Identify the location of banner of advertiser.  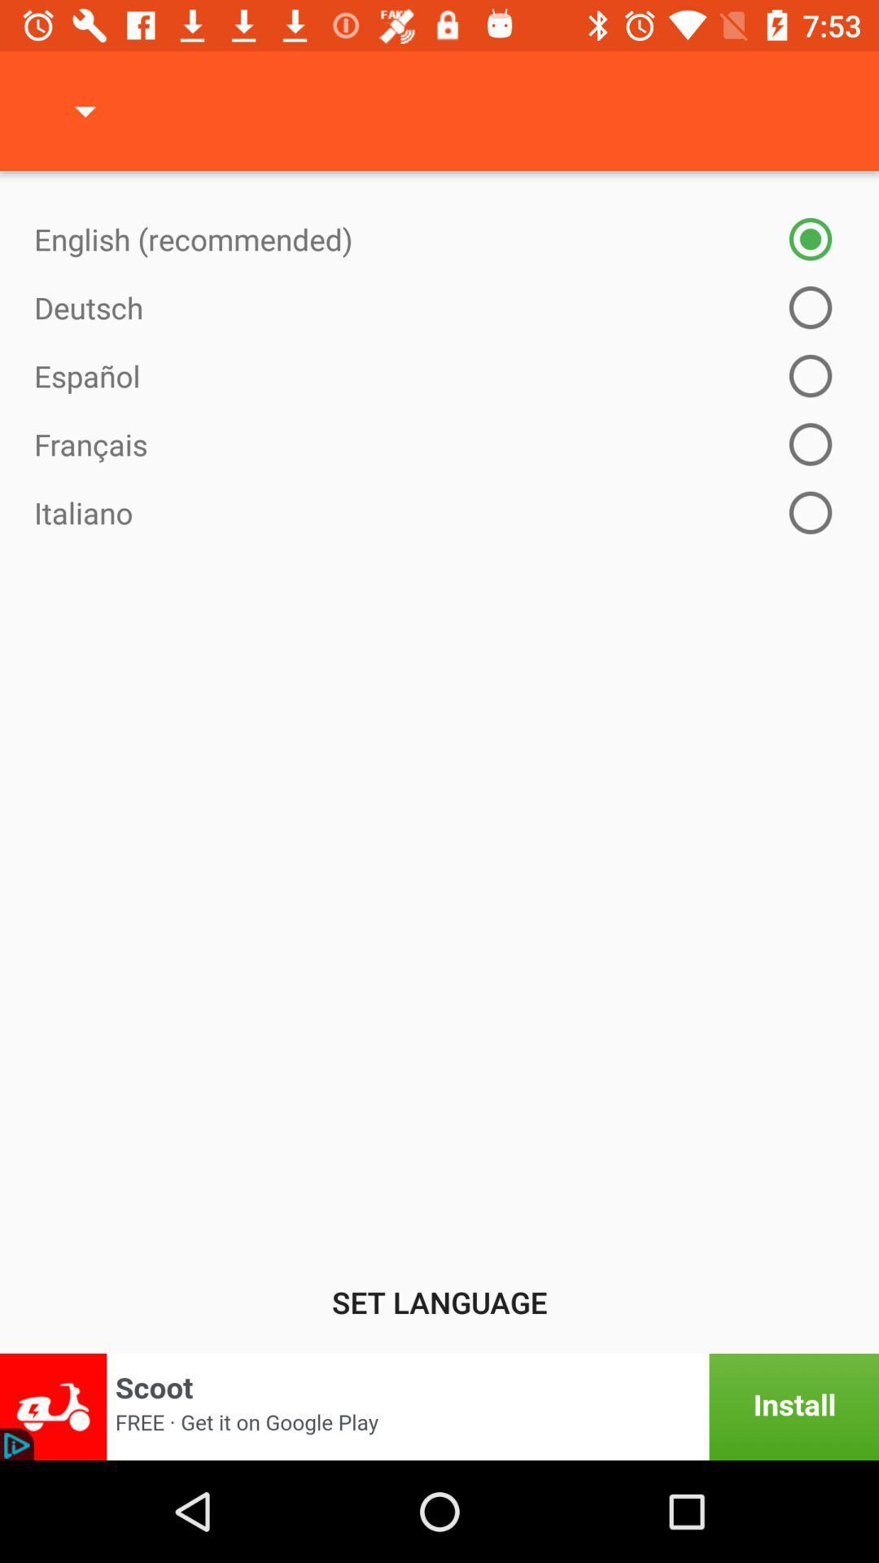
(439, 1406).